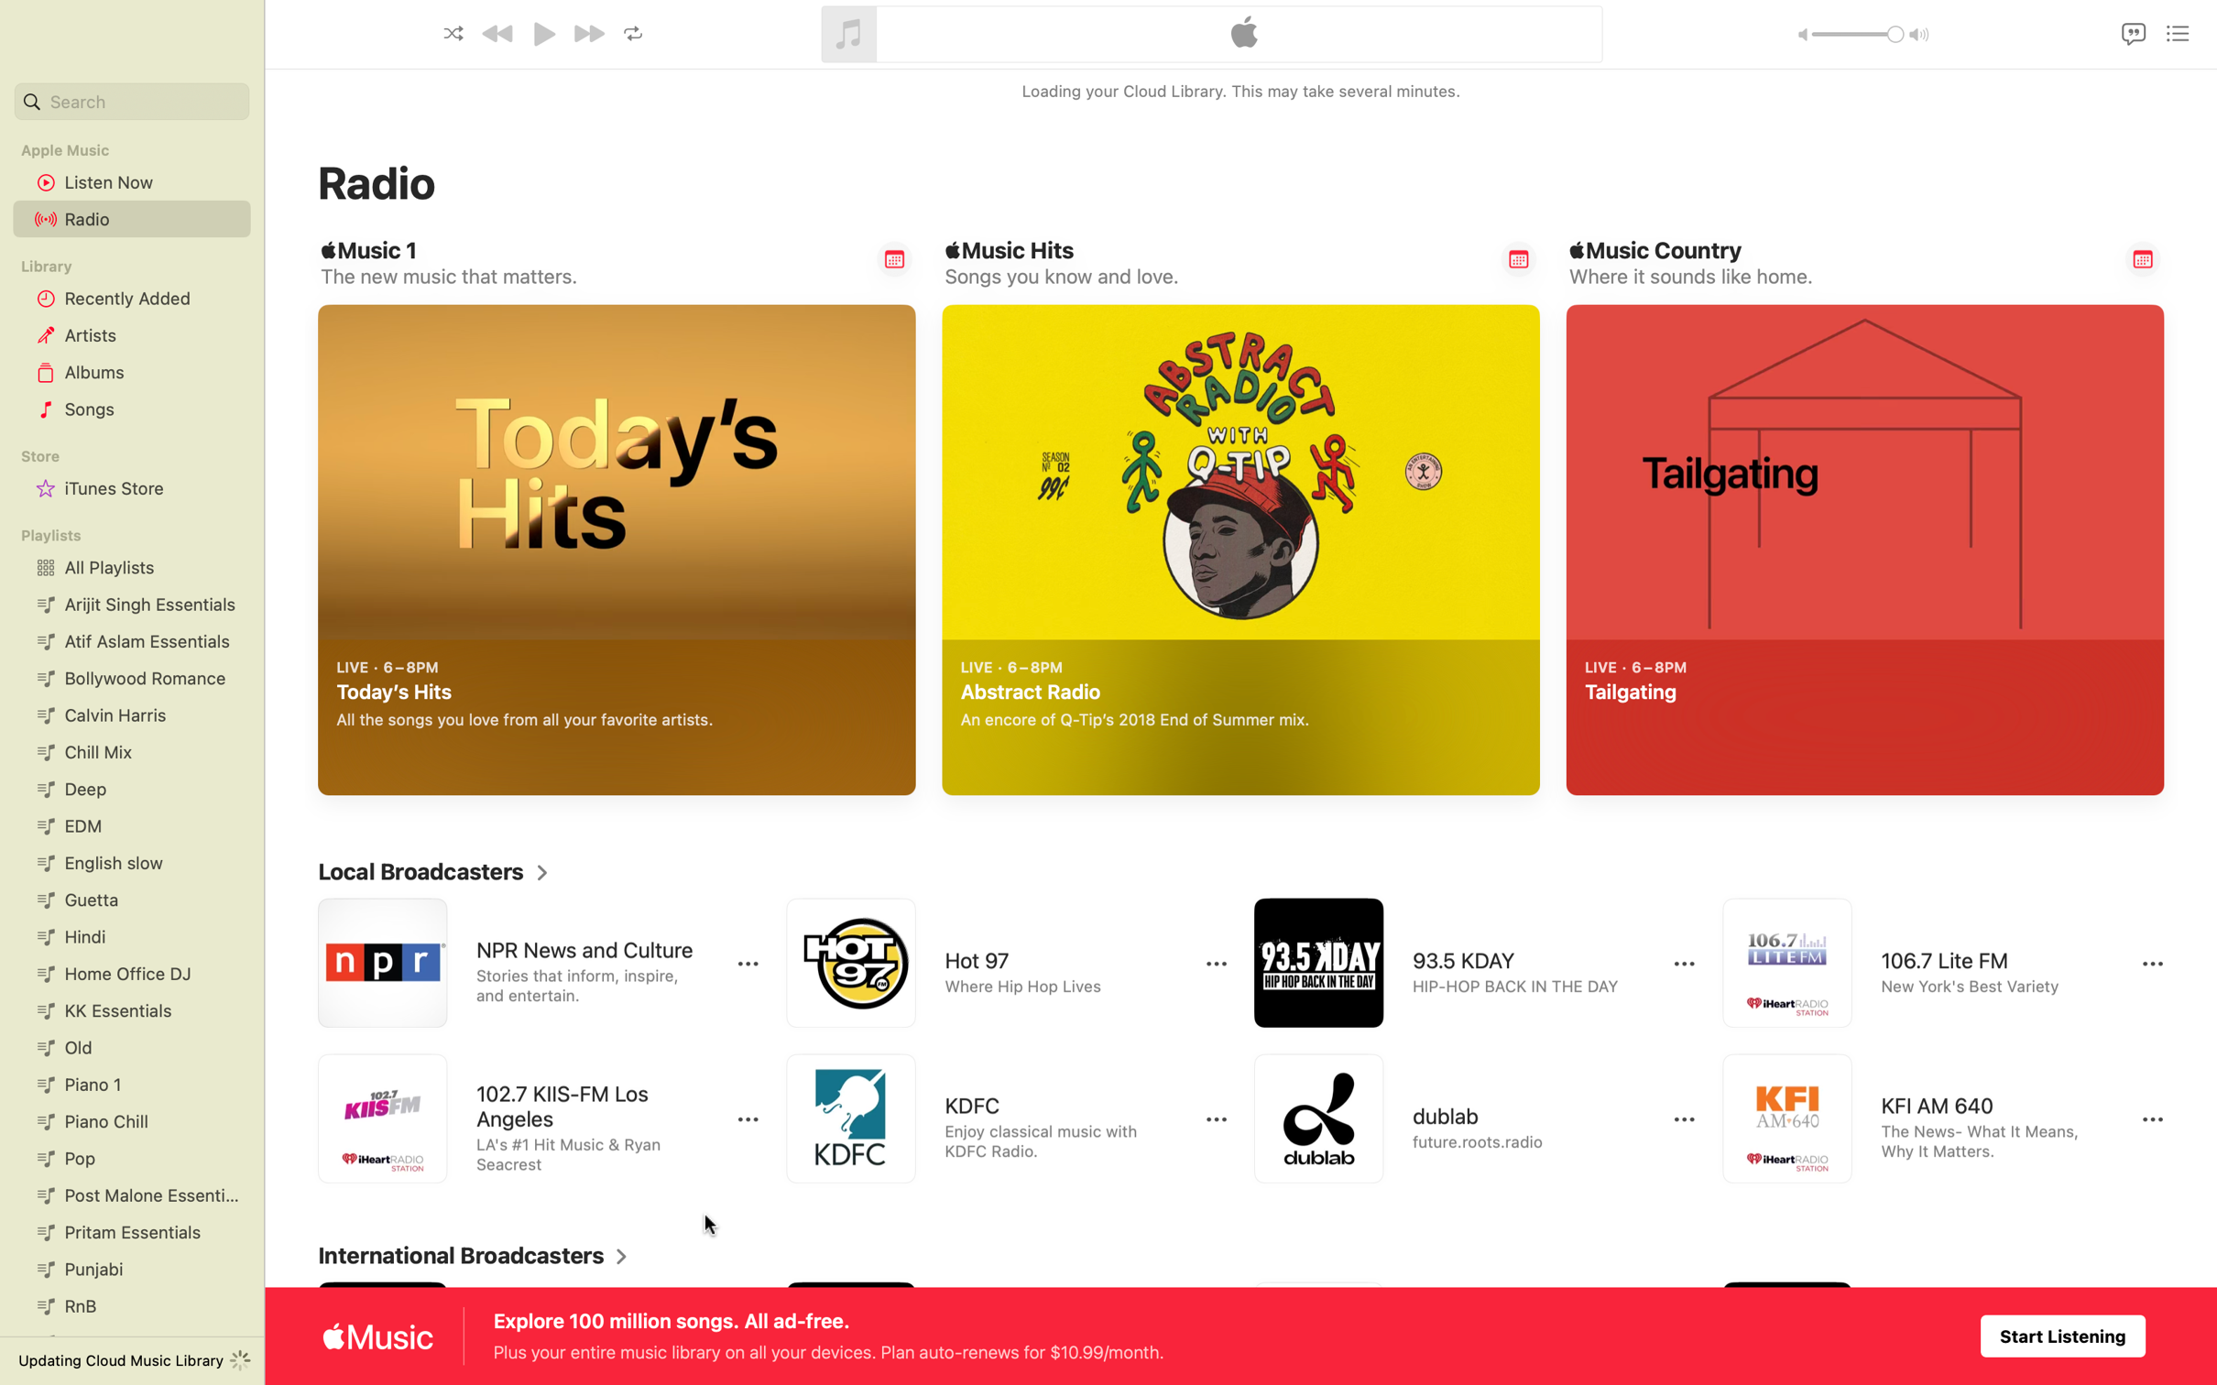 The image size is (2217, 1385). What do you see at coordinates (2143, 257) in the screenshot?
I see `Provide a reminder about Country Music` at bounding box center [2143, 257].